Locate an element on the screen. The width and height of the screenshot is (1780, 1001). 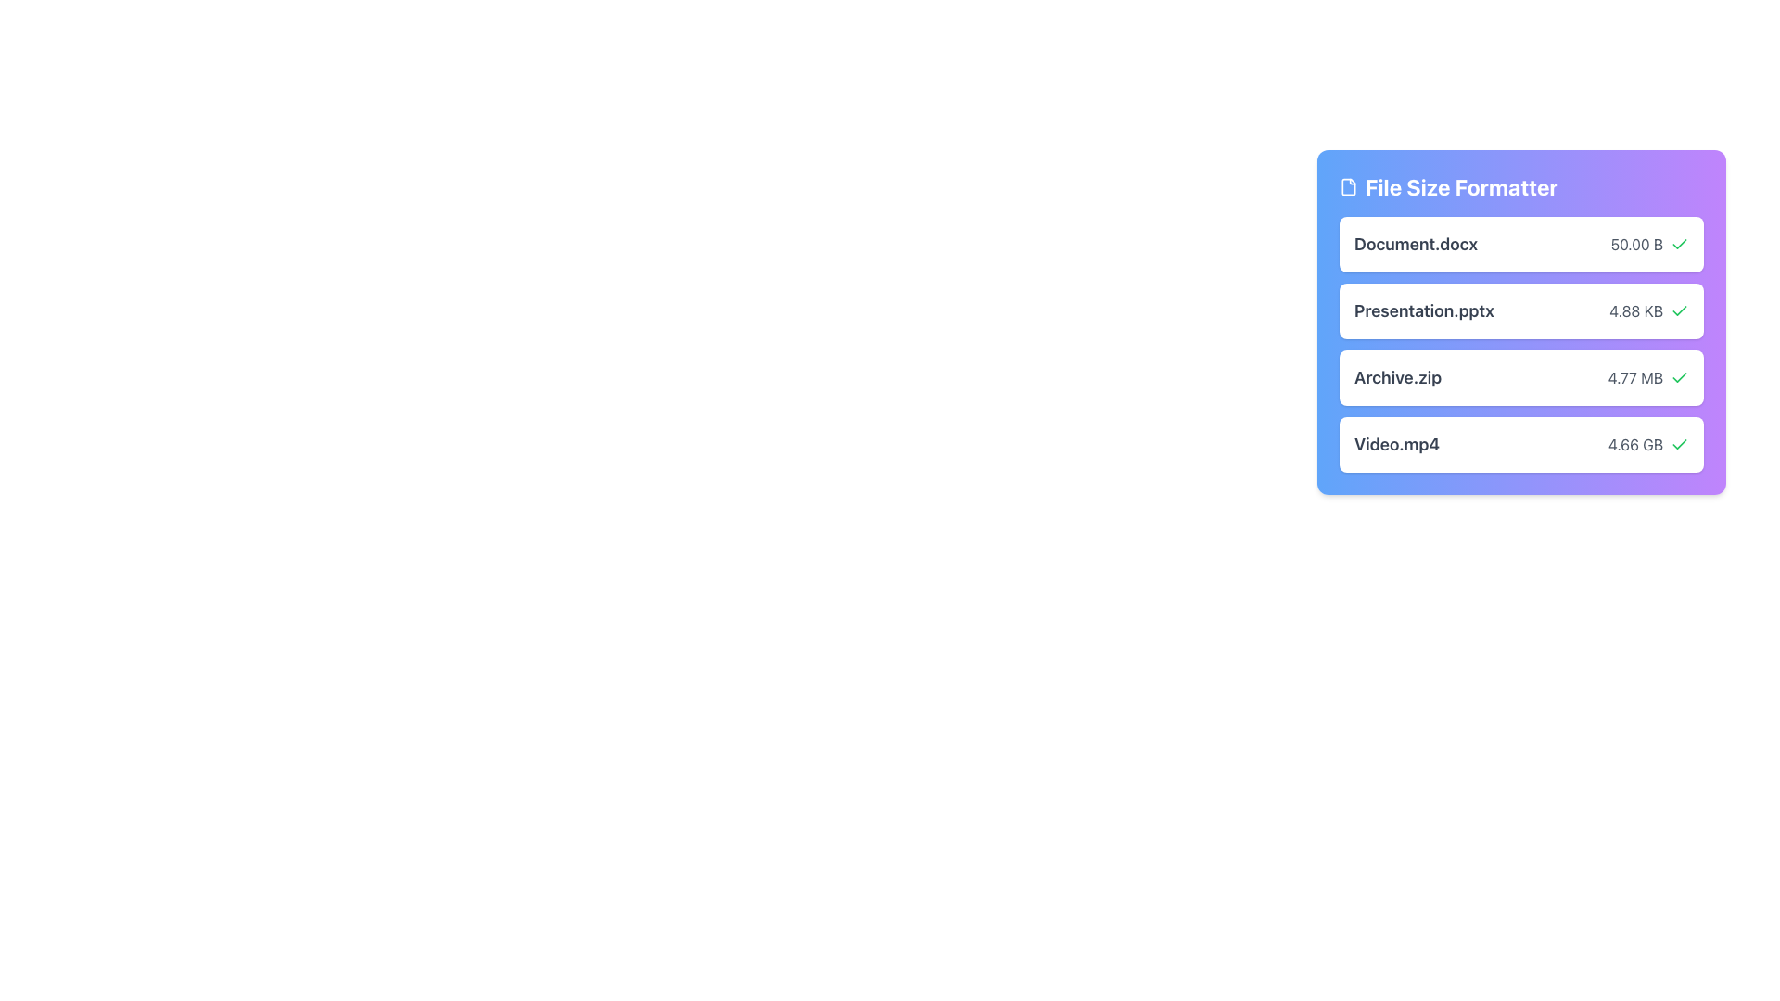
the SVG icon with a rectangular file design located to the left of the 'File Size Formatter' text is located at coordinates (1348, 186).